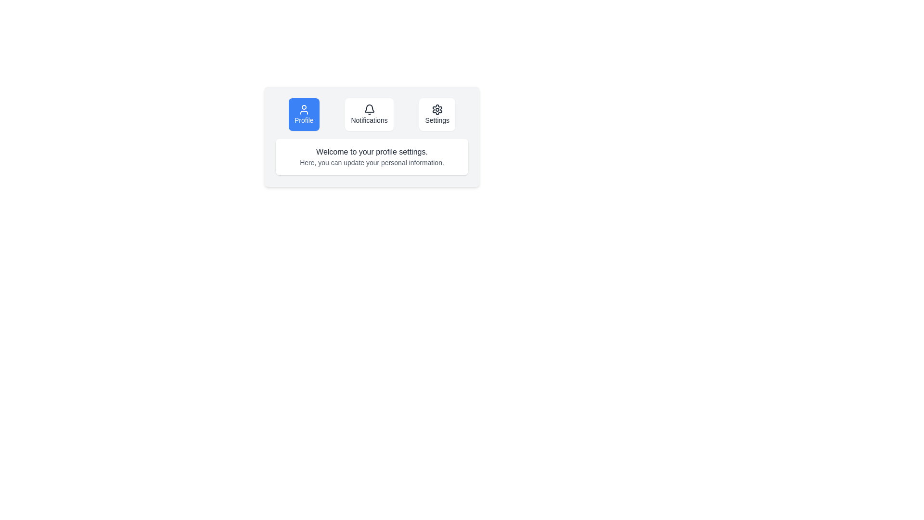  What do you see at coordinates (436, 114) in the screenshot?
I see `the Settings button` at bounding box center [436, 114].